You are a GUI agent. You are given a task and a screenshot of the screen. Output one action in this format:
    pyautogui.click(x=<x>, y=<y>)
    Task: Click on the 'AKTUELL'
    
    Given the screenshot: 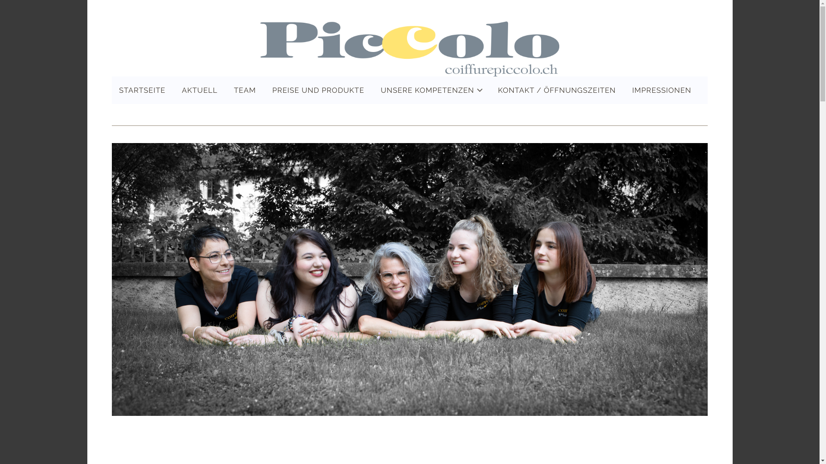 What is the action you would take?
    pyautogui.click(x=199, y=90)
    